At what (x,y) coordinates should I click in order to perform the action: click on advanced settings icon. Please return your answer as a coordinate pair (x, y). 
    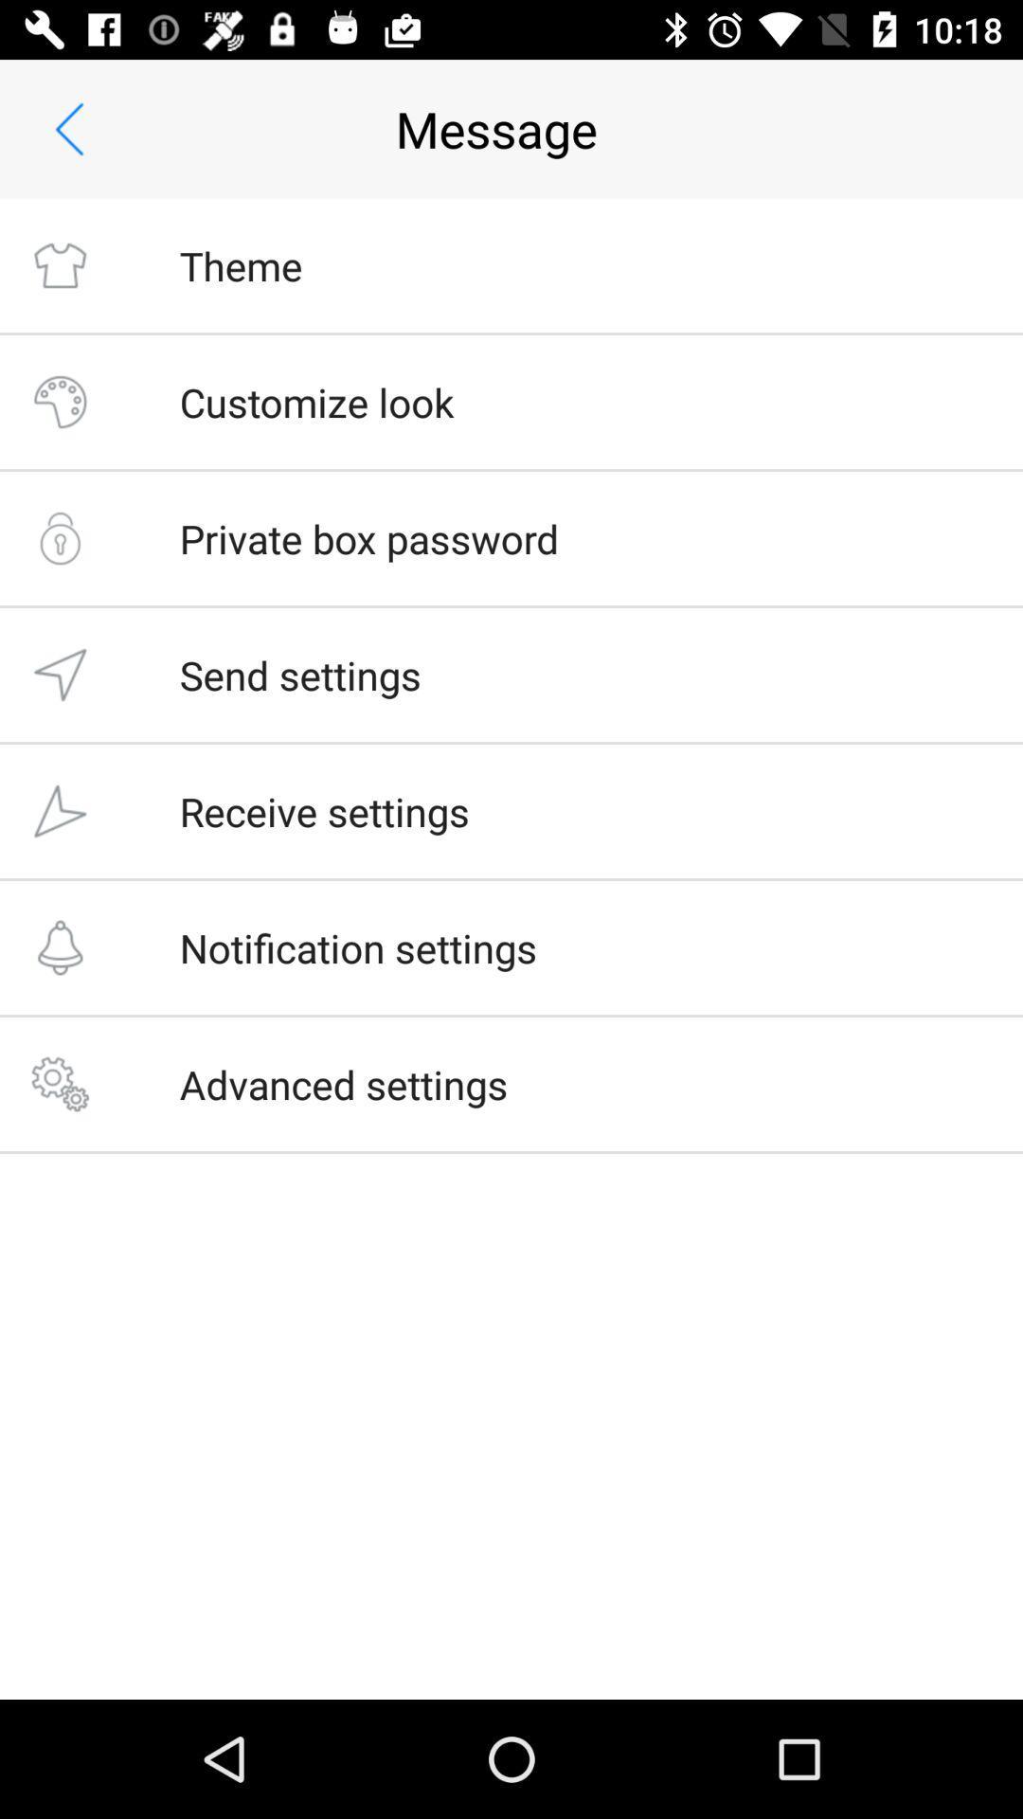
    Looking at the image, I should click on (343, 1084).